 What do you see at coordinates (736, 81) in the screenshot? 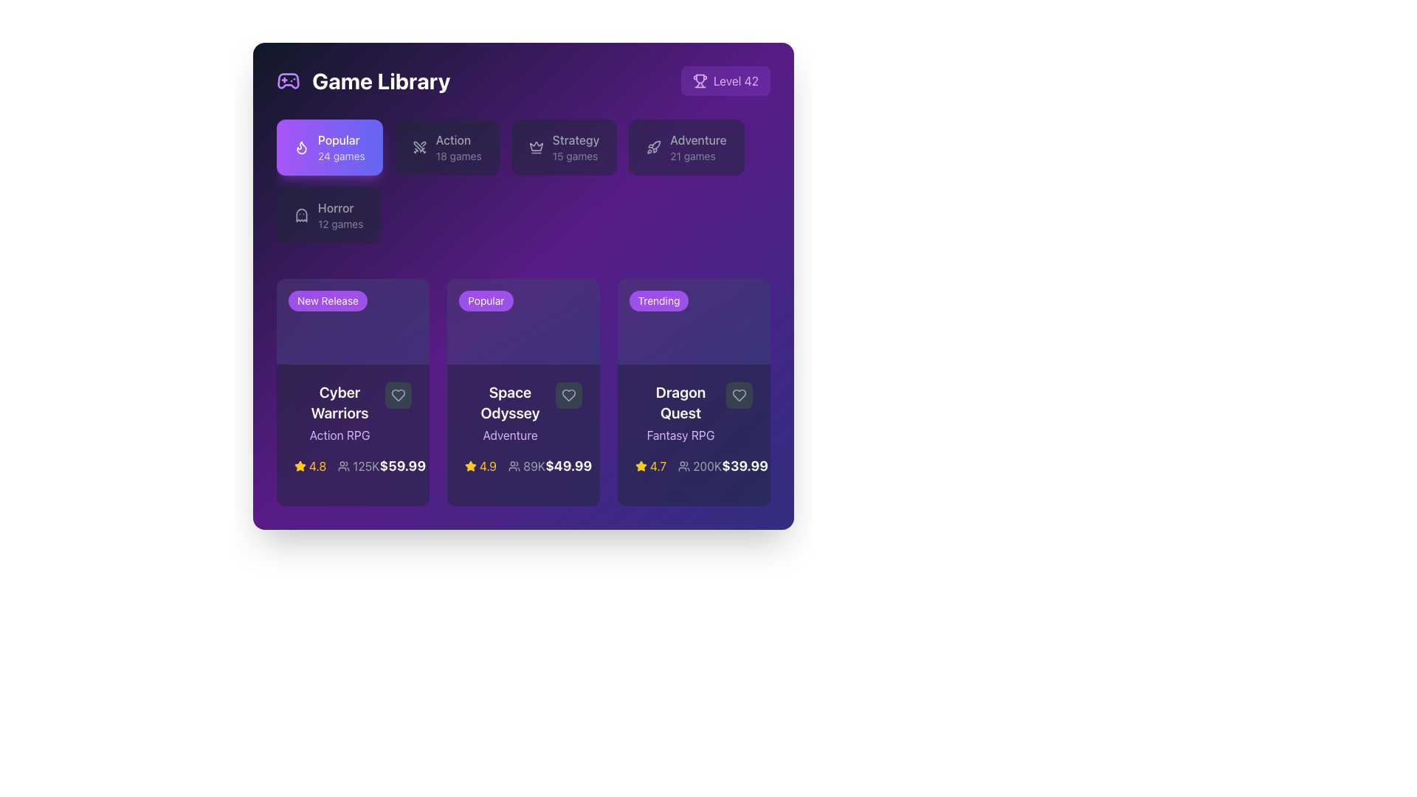
I see `the 'Level 42' static text element, which is styled in purple and located in the top-right corner of the main layout, adjacent to a trophy icon` at bounding box center [736, 81].